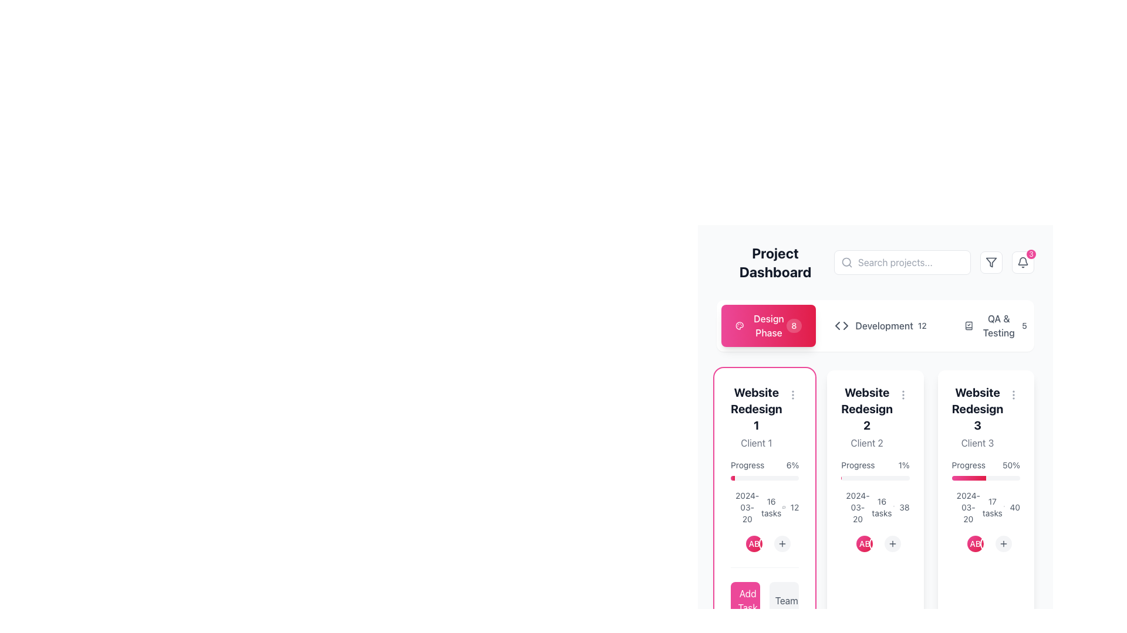 This screenshot has width=1127, height=633. Describe the element at coordinates (858, 465) in the screenshot. I see `the text label displaying 'Progress' in a gray color, located within the card labeled 'Website Redesign 2', positioned to the left of the percentage completion indicator` at that location.